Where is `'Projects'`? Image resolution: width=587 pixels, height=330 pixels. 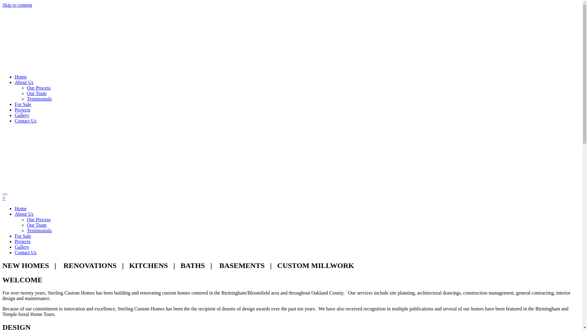
'Projects' is located at coordinates (22, 241).